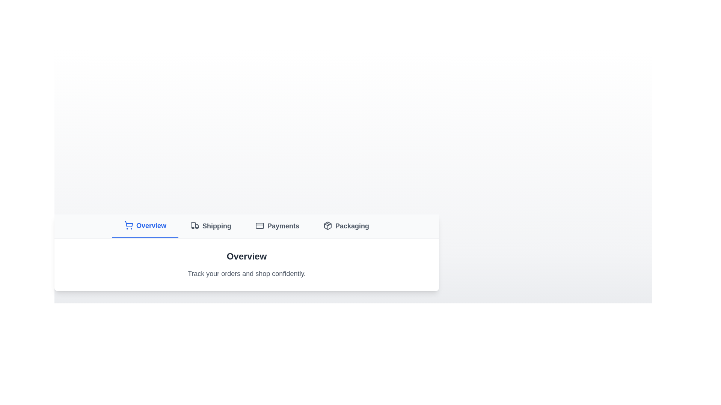  I want to click on the Overview tab, so click(145, 226).